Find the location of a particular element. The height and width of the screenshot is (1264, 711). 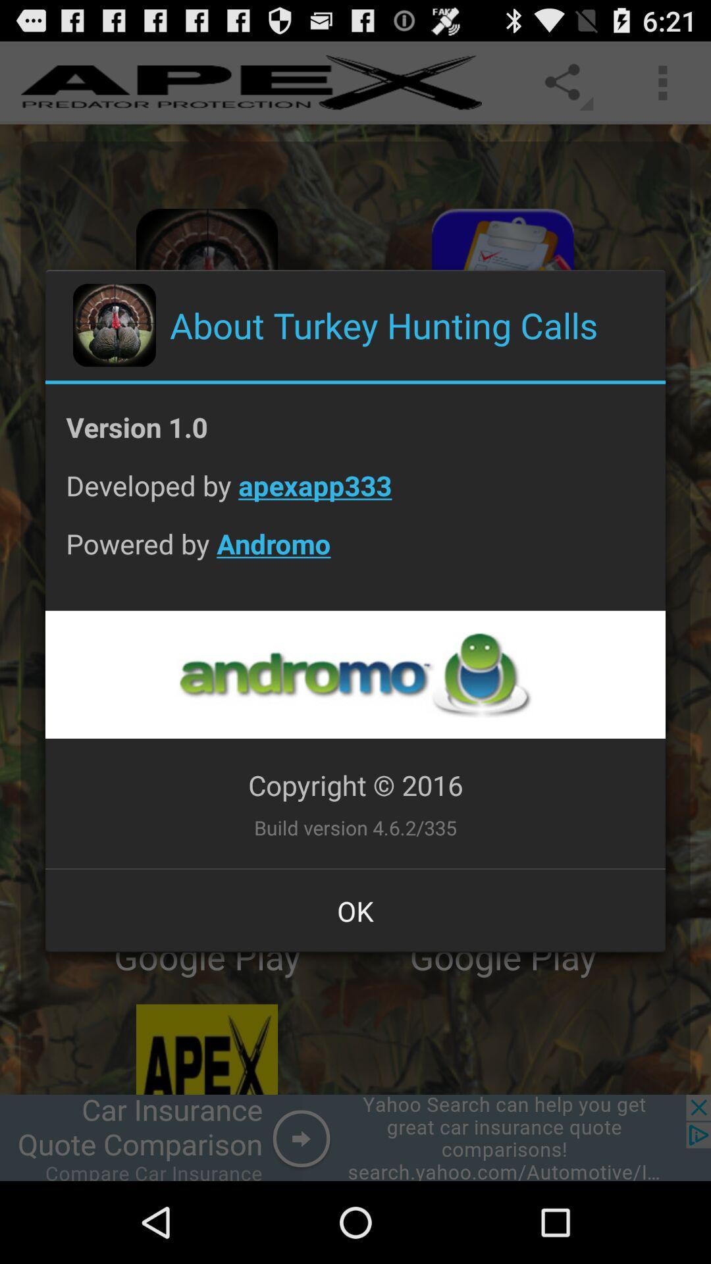

the icon below the powered by andromo item is located at coordinates (354, 674).